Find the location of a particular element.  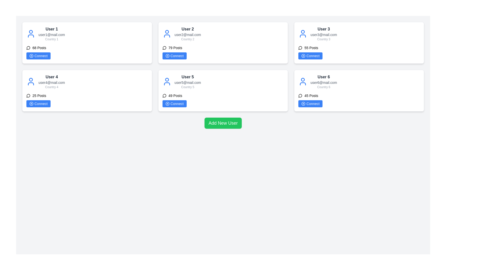

the circular shape representing the user profile icon for User 4 located in the top-left section of the card is located at coordinates (31, 79).